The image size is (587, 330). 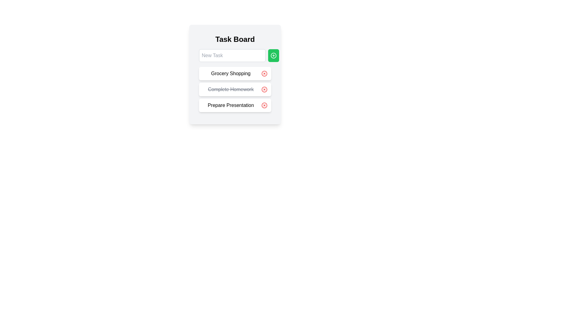 I want to click on the circular SVG graphical element that is part of the delete button positioned to the right of the 'Prepare Presentation' item on the task list, so click(x=264, y=105).